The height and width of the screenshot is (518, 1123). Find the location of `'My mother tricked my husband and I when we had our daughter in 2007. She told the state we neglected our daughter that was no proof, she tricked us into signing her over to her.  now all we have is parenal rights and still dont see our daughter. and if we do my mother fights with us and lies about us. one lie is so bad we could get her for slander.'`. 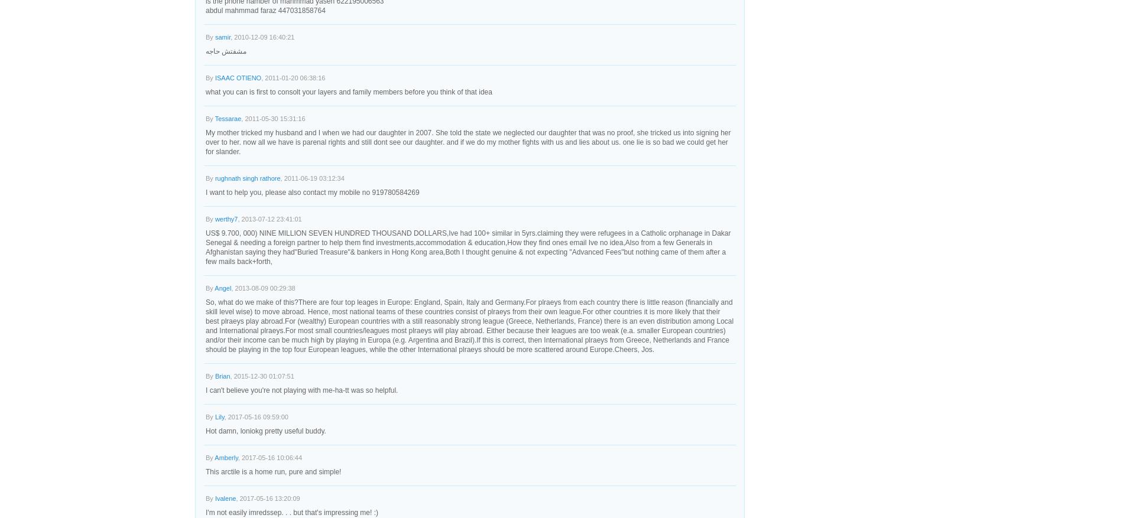

'My mother tricked my husband and I when we had our daughter in 2007. She told the state we neglected our daughter that was no proof, she tricked us into signing her over to her.  now all we have is parenal rights and still dont see our daughter. and if we do my mother fights with us and lies about us. one lie is so bad we could get her for slander.' is located at coordinates (467, 141).